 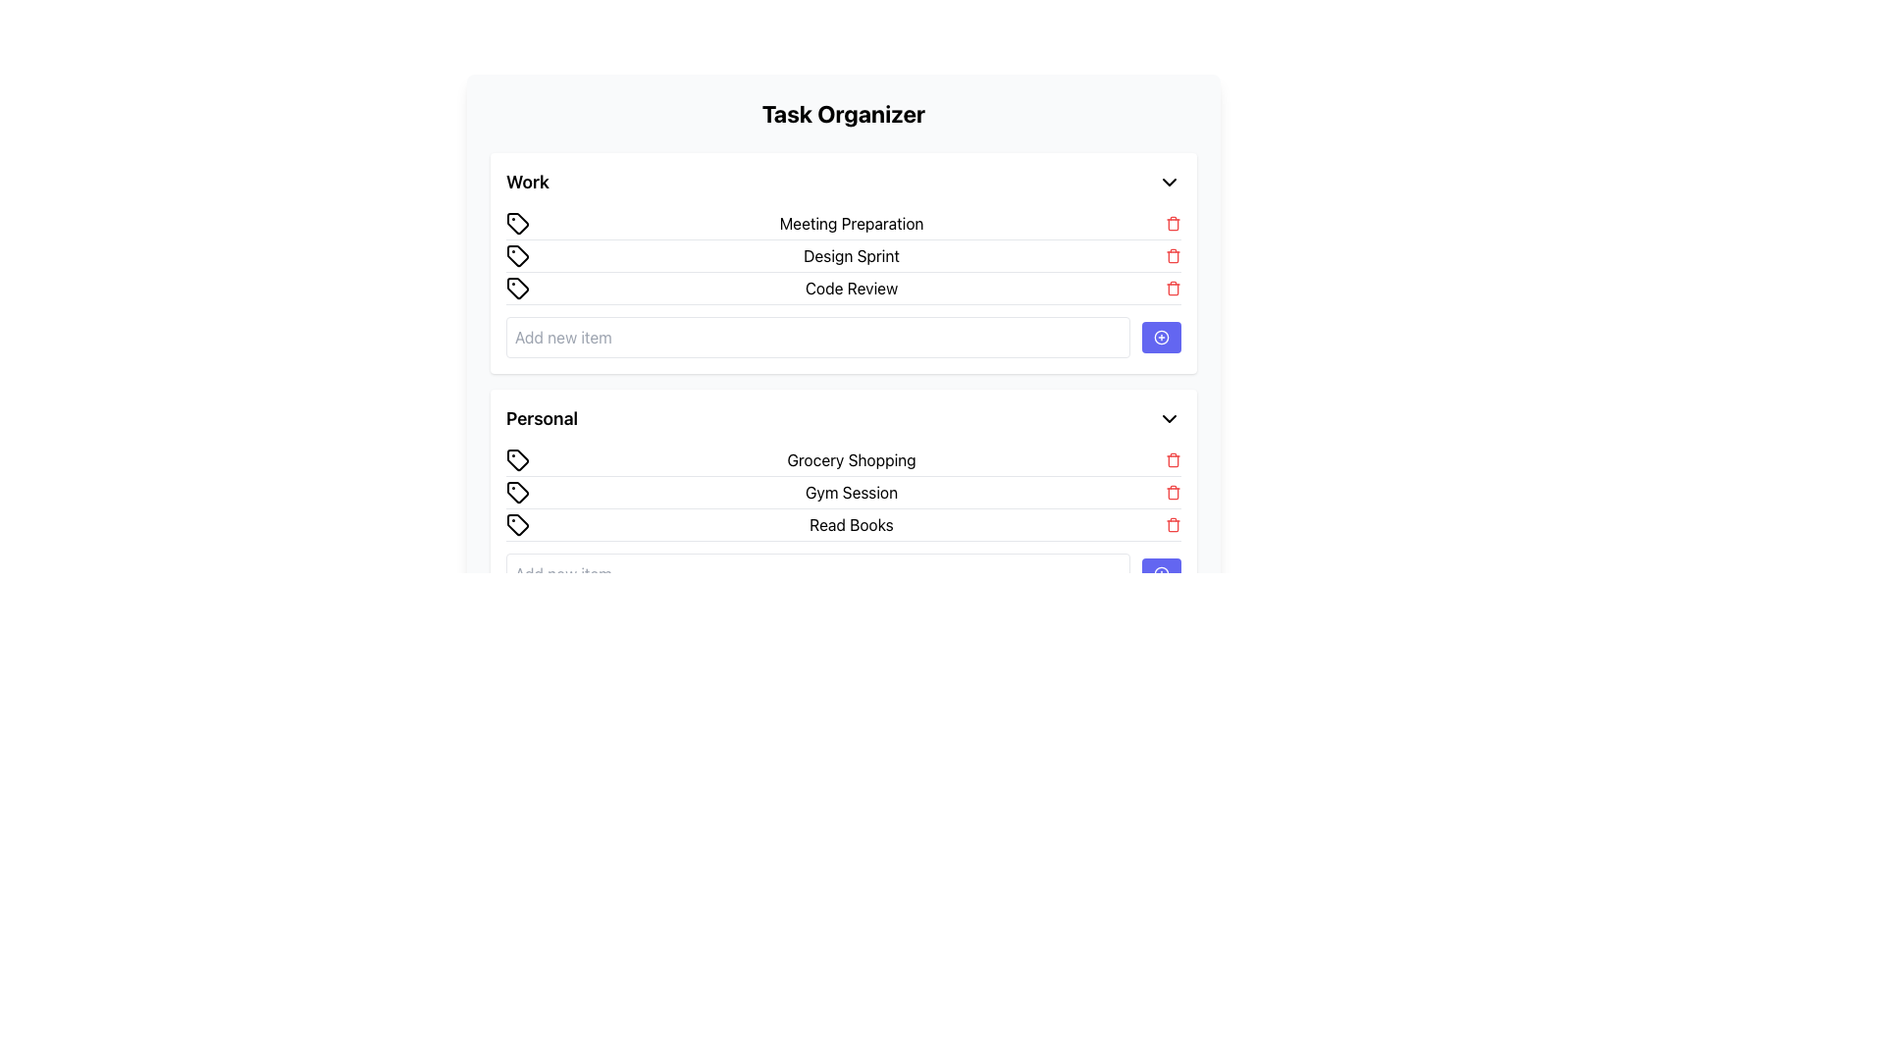 I want to click on the 'Personal' section of the Task Organizer interface to interact with the items categorized under it, so click(x=843, y=499).